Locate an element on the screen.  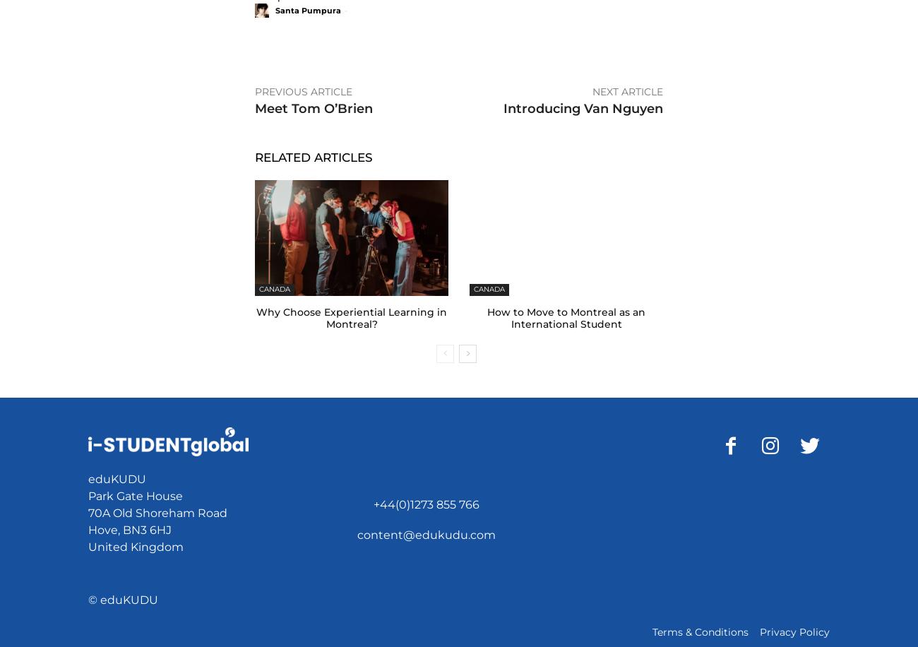
'Privacy Policy' is located at coordinates (794, 631).